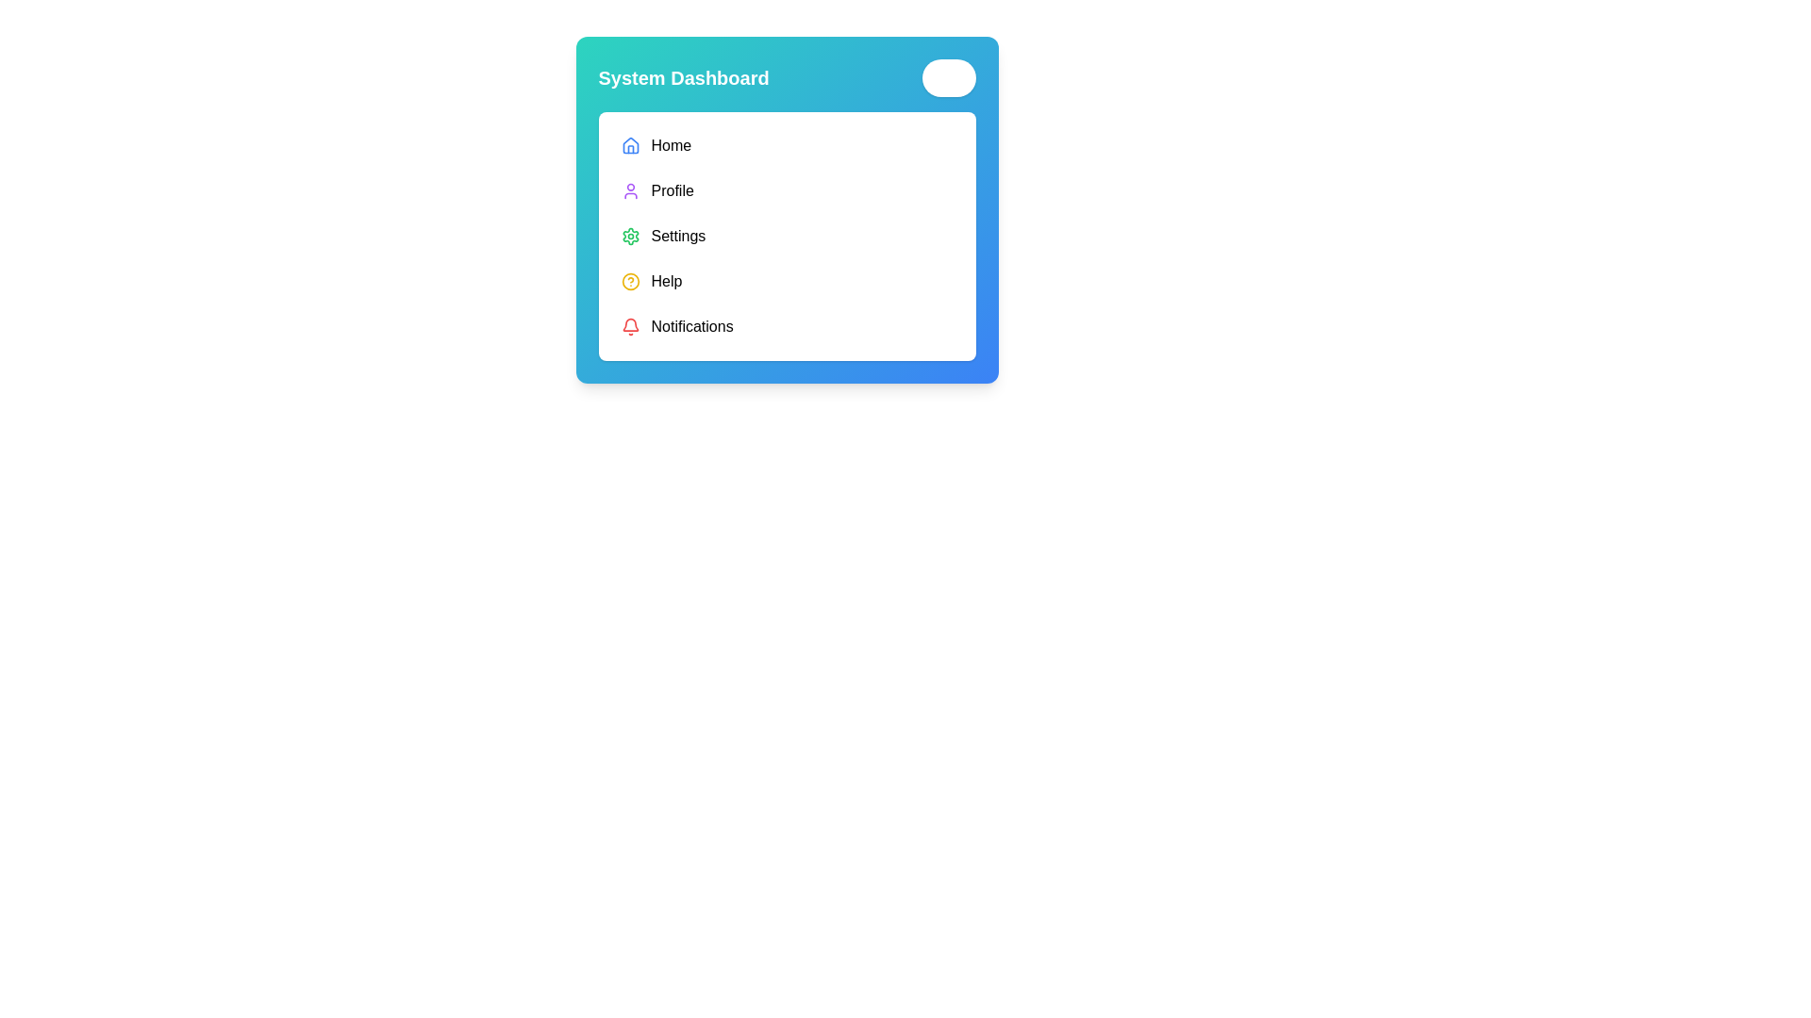  Describe the element at coordinates (630, 144) in the screenshot. I see `the 'Home' icon located at the top-left corner of the interface` at that location.